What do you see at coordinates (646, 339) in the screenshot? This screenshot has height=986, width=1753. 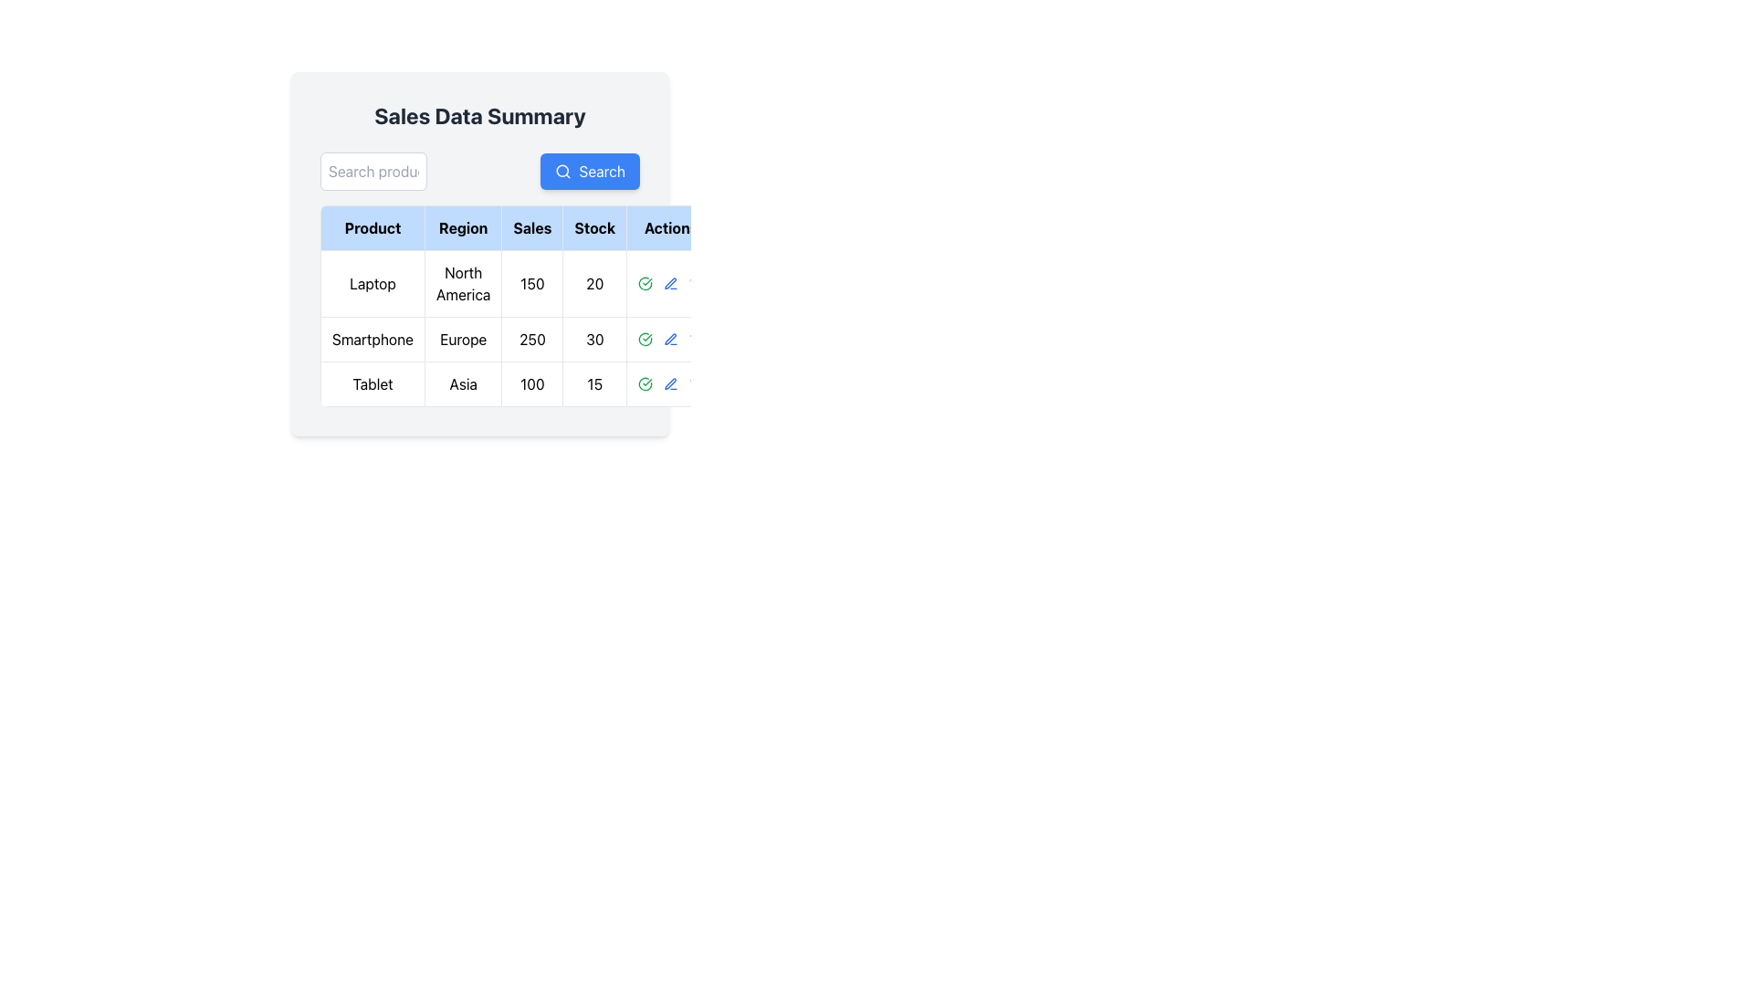 I see `the green check mark icon in the Actions column of the second row for the Smartphone product` at bounding box center [646, 339].